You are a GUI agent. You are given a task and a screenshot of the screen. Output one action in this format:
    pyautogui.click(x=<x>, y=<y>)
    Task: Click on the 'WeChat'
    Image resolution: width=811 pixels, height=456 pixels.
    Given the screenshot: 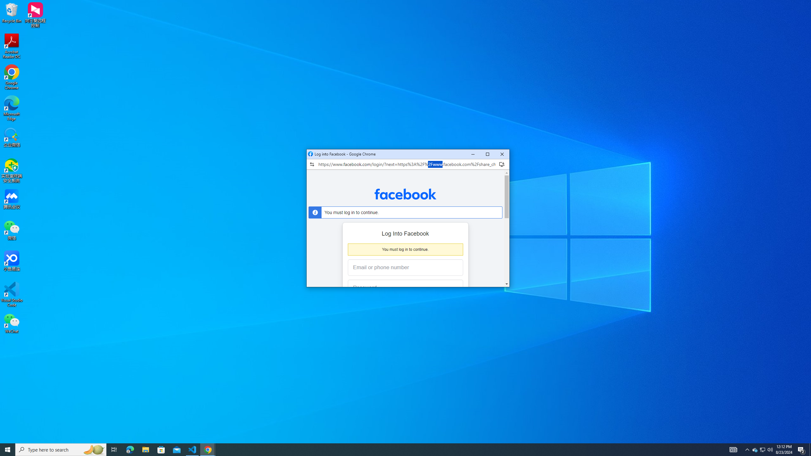 What is the action you would take?
    pyautogui.click(x=11, y=323)
    